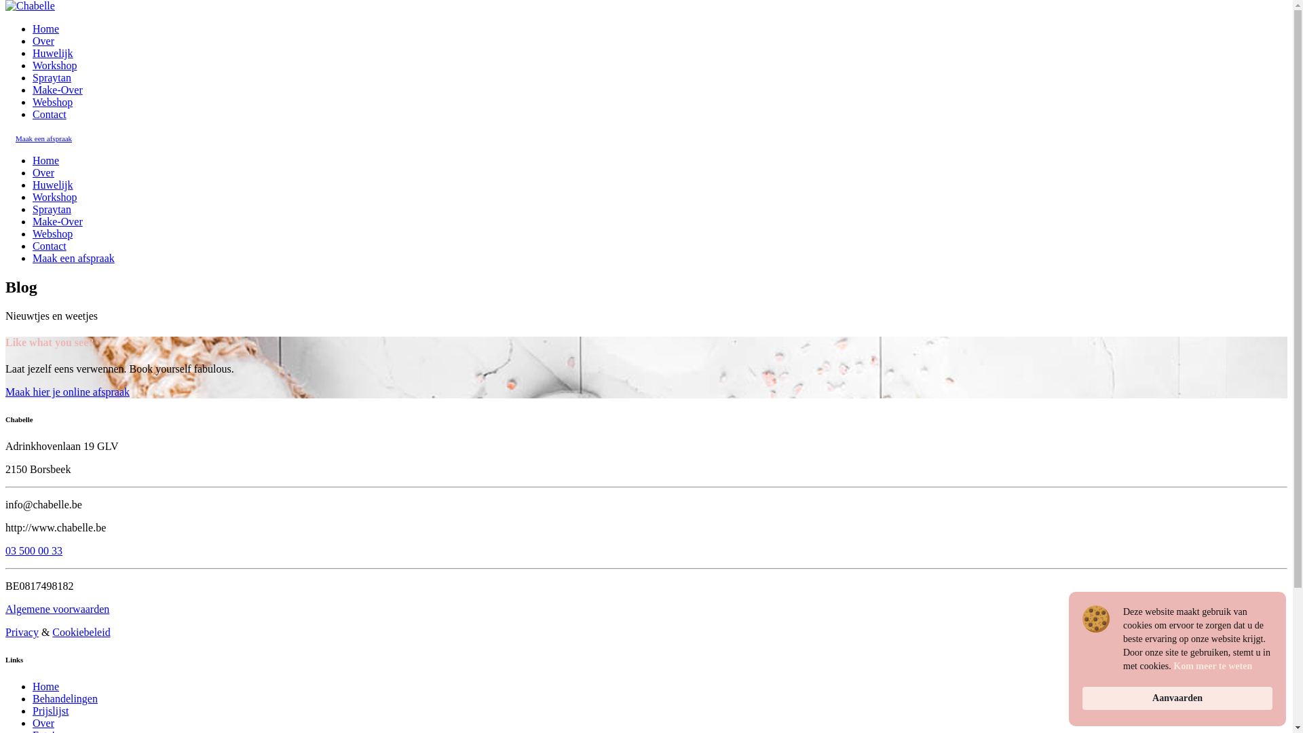 The image size is (1303, 733). What do you see at coordinates (67, 392) in the screenshot?
I see `'Maak hier je online afspraak'` at bounding box center [67, 392].